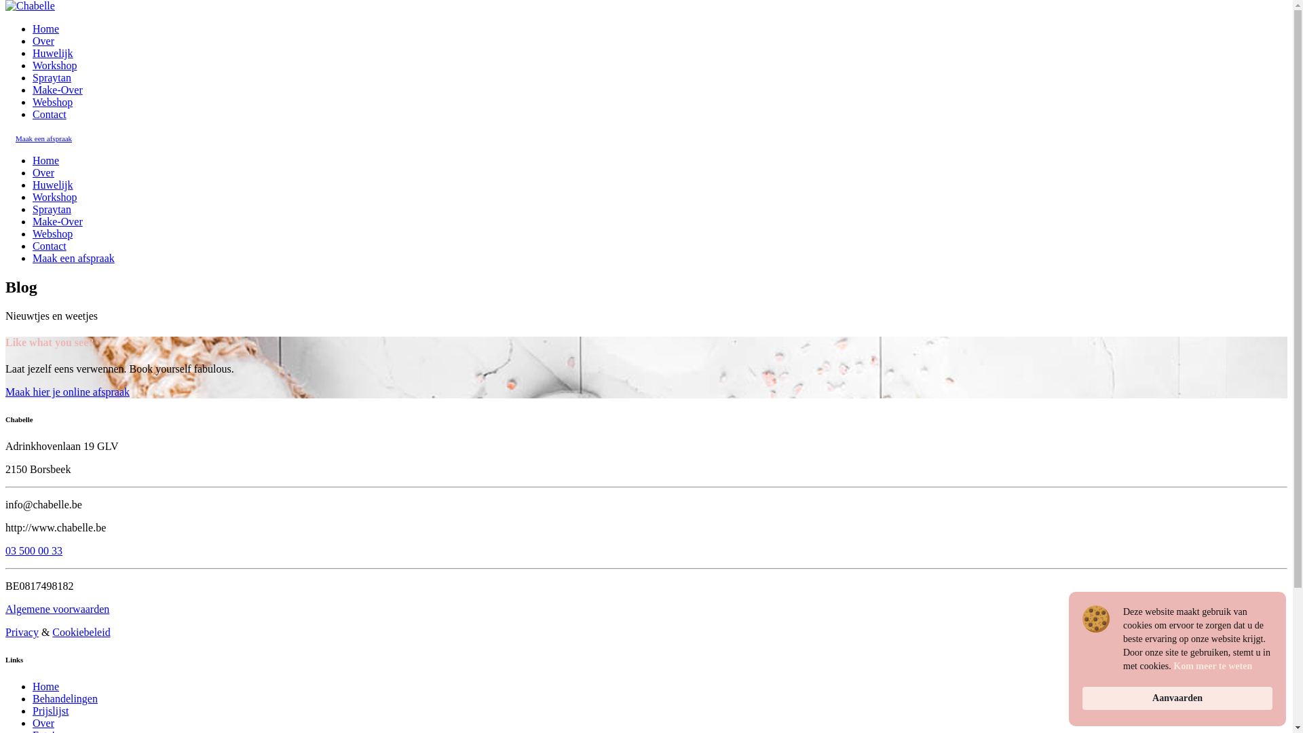 The image size is (1303, 733). What do you see at coordinates (67, 392) in the screenshot?
I see `'Maak hier je online afspraak'` at bounding box center [67, 392].